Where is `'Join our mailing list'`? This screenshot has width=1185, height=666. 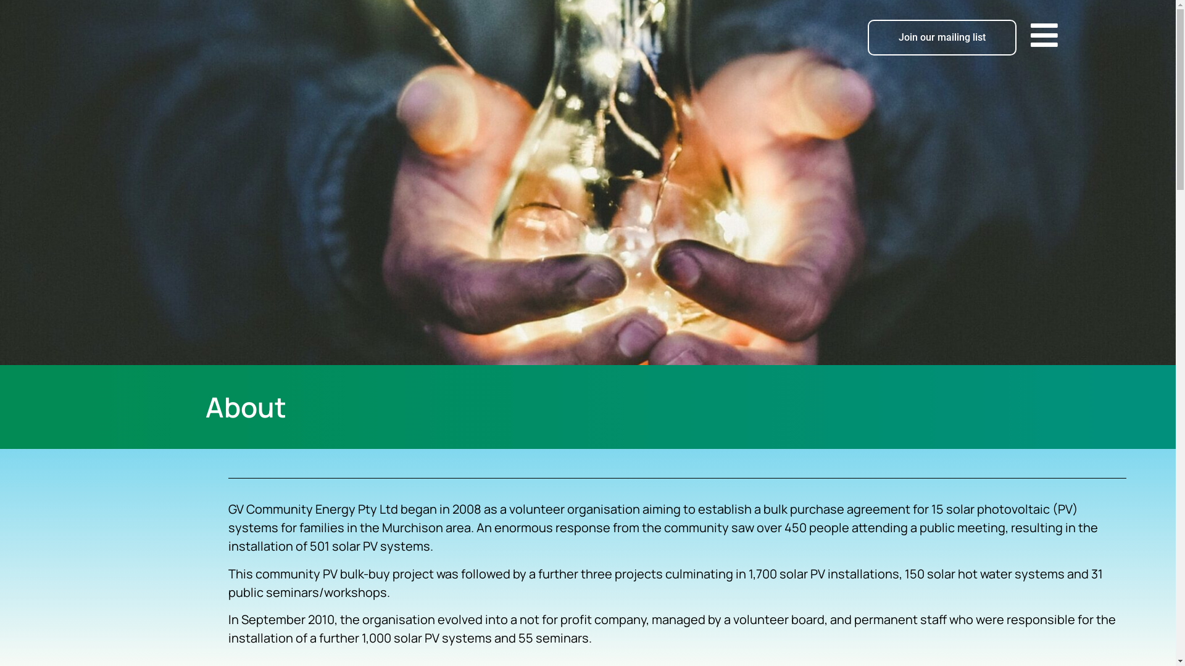 'Join our mailing list' is located at coordinates (941, 37).